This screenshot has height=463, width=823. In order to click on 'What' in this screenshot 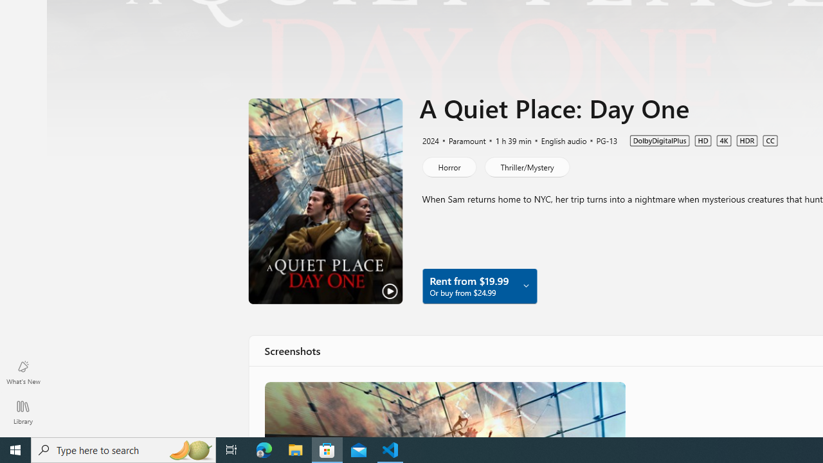, I will do `click(23, 372)`.